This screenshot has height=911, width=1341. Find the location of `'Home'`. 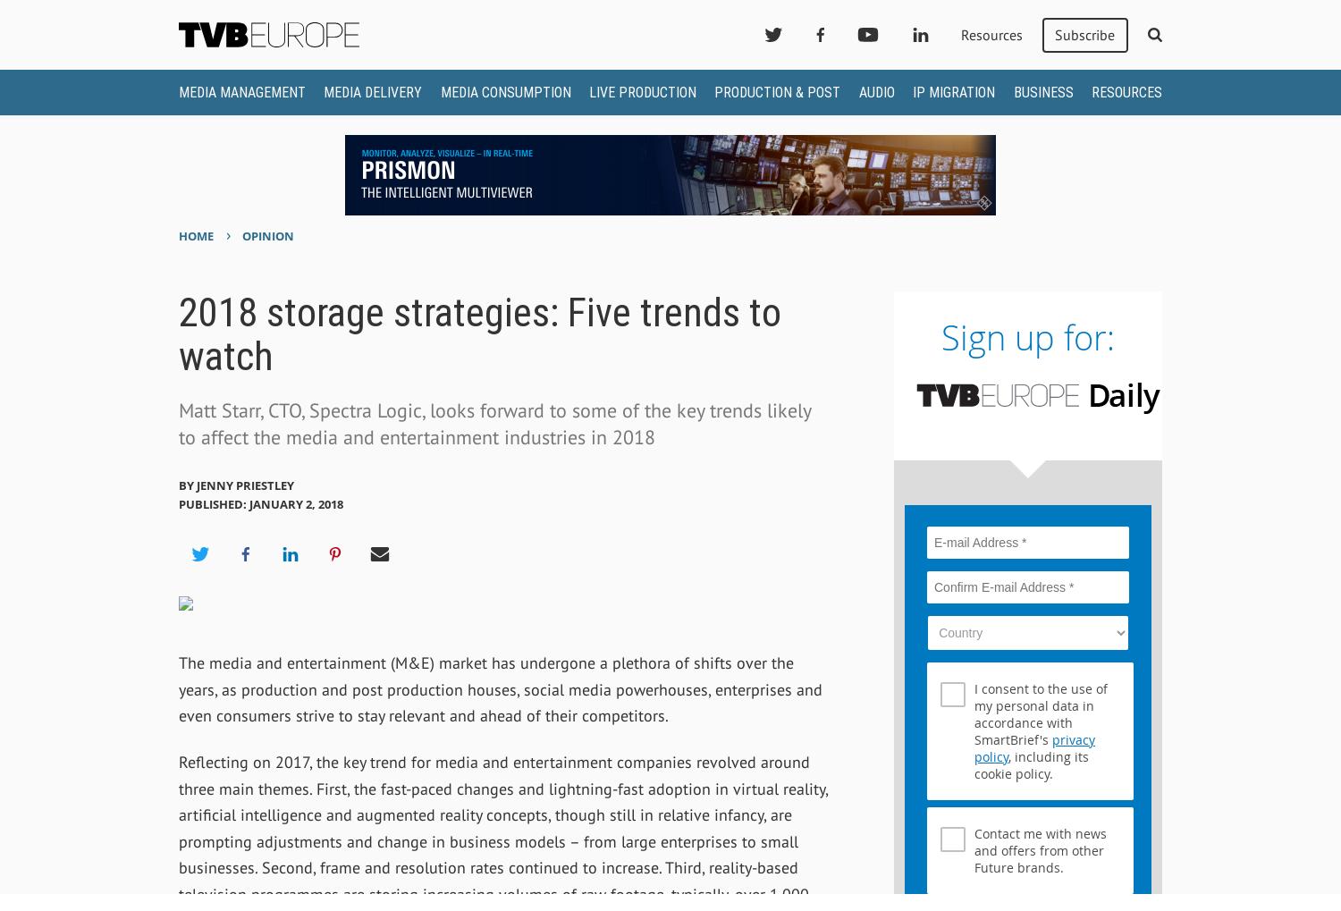

'Home' is located at coordinates (194, 236).